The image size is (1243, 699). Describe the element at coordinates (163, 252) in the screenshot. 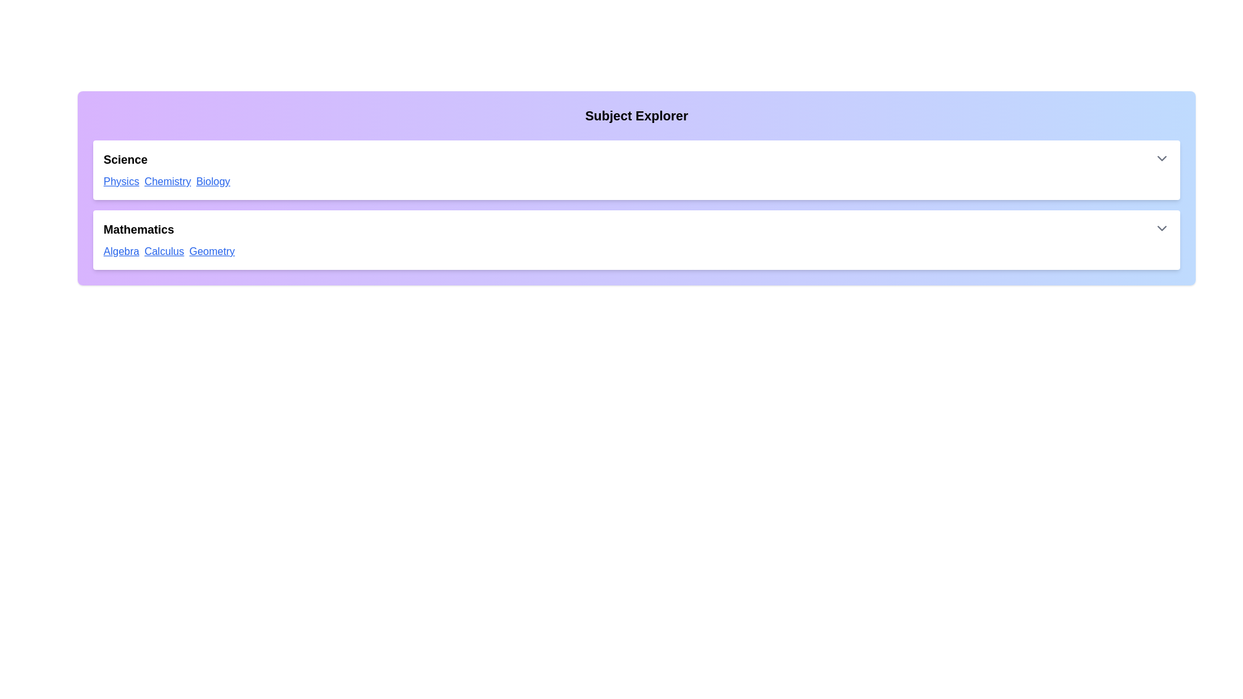

I see `the link with the text 'Calculus' to navigate` at that location.